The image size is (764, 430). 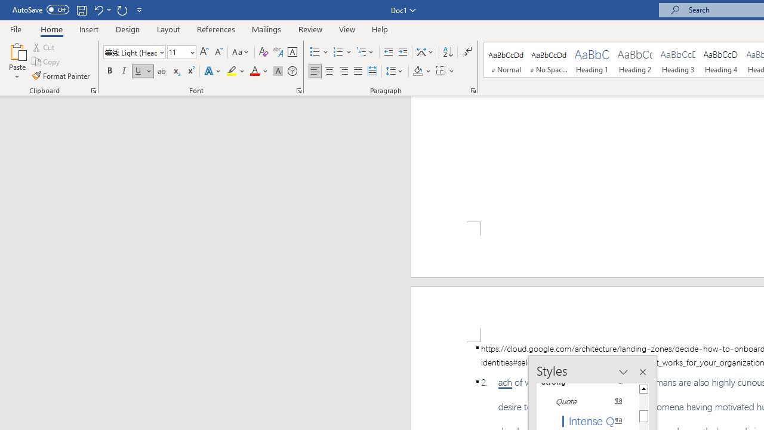 What do you see at coordinates (472, 90) in the screenshot?
I see `'Paragraph...'` at bounding box center [472, 90].